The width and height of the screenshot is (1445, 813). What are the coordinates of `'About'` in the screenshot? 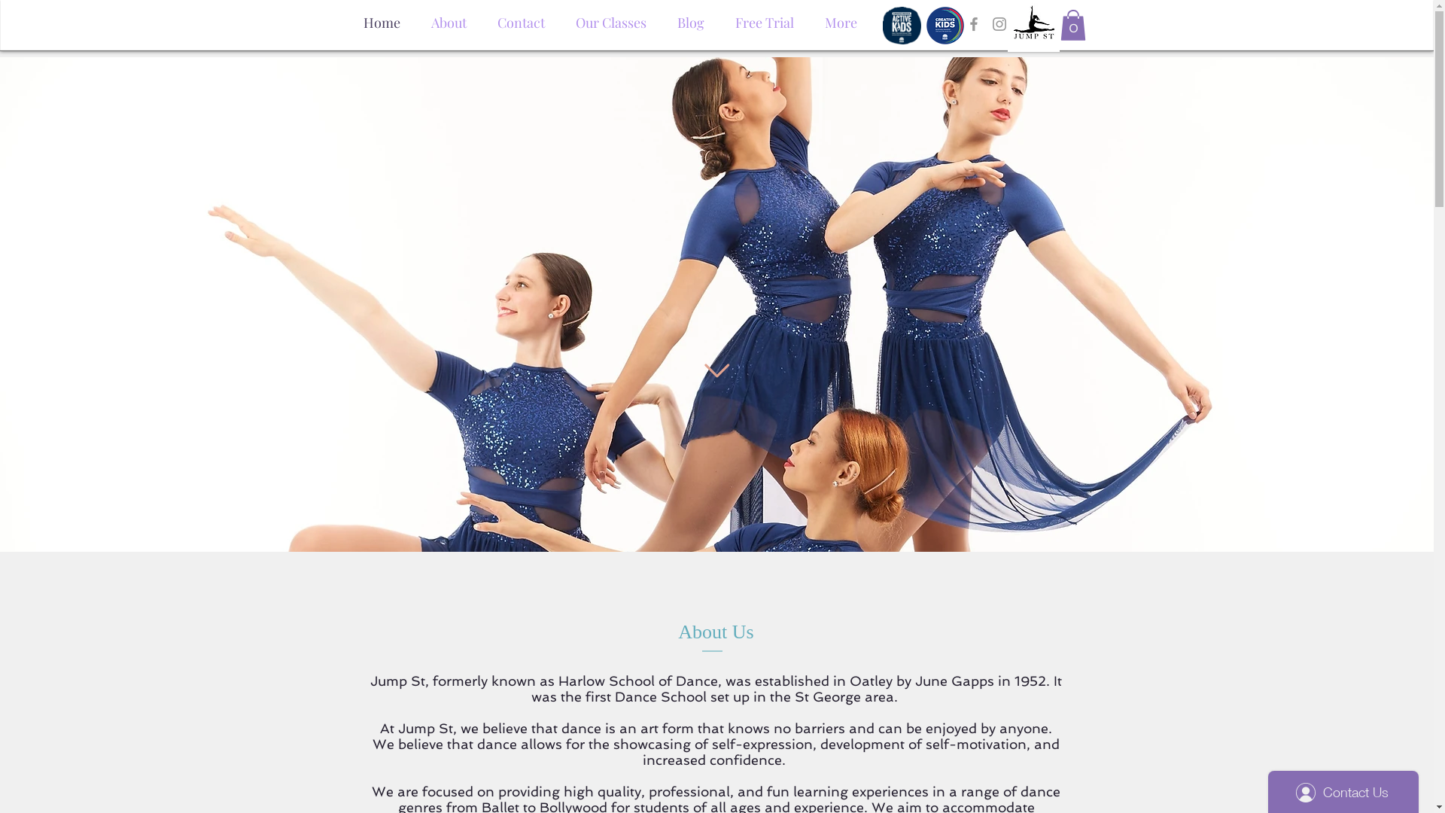 It's located at (415, 18).